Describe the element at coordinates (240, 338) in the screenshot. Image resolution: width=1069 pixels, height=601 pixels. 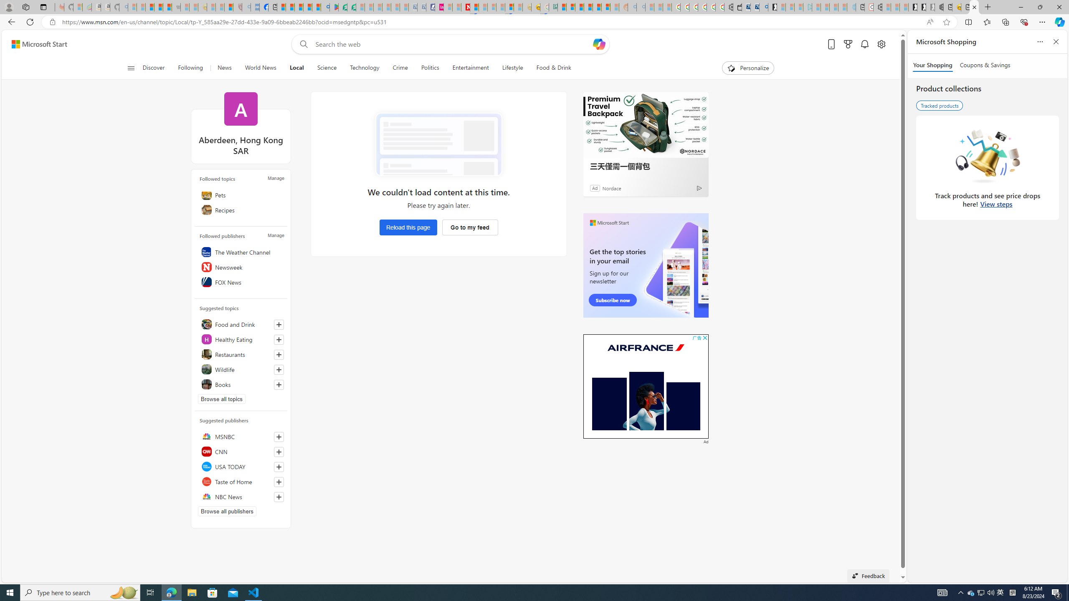
I see `'Healthy Eating'` at that location.